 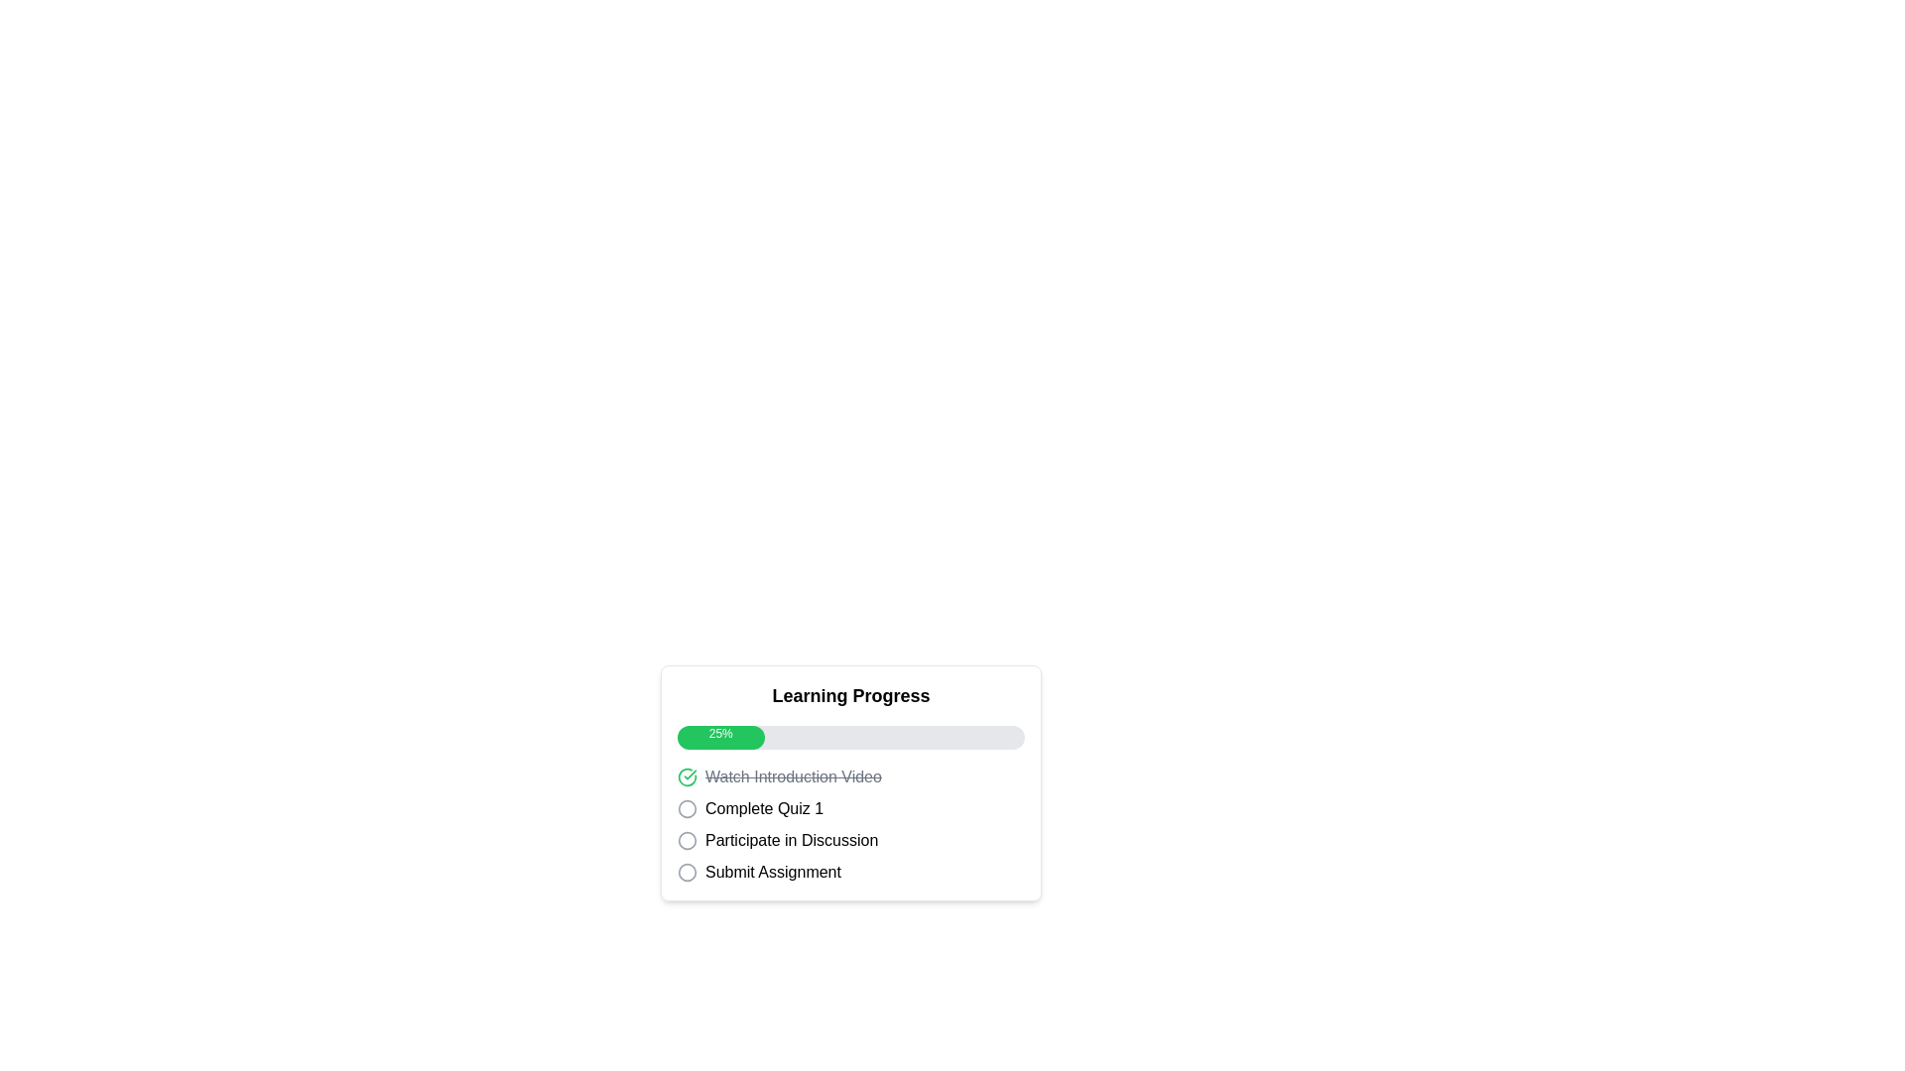 What do you see at coordinates (719, 738) in the screenshot?
I see `the Progress indicator that visually represents 25% completion of a task, located in the Learning Progress panel near the top` at bounding box center [719, 738].